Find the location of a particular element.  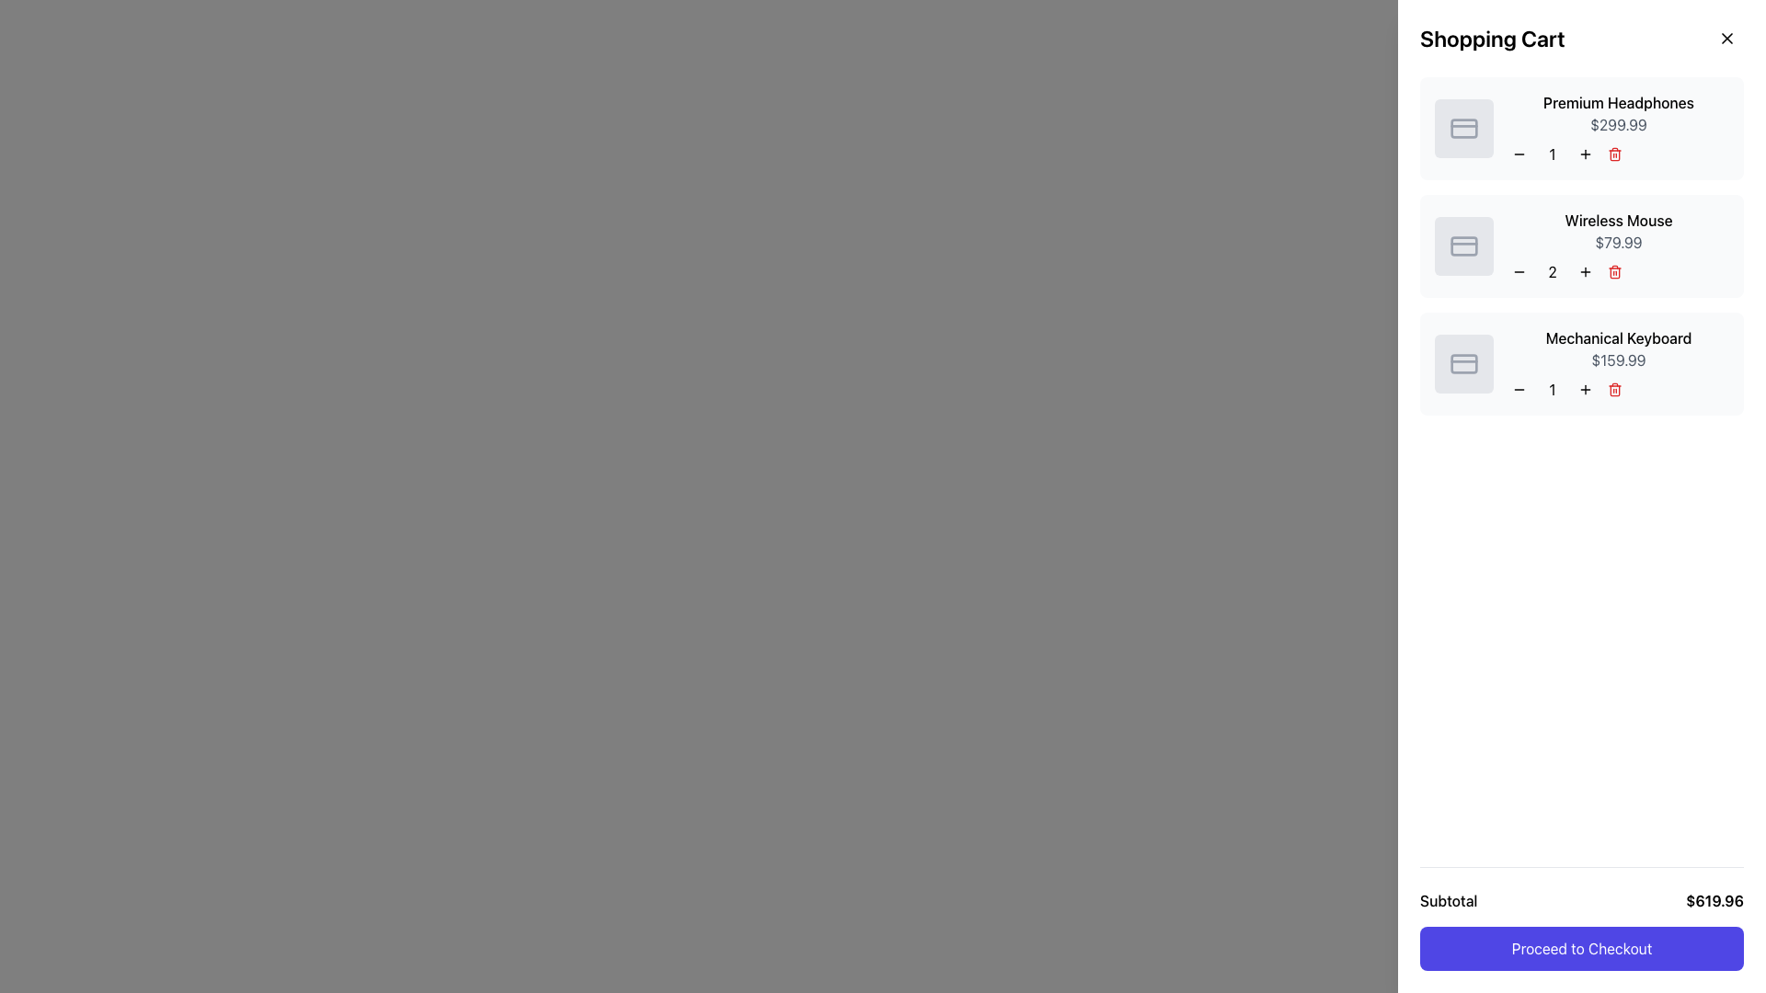

the red trash icon button on the right side of the horizontal module is located at coordinates (1619, 272).